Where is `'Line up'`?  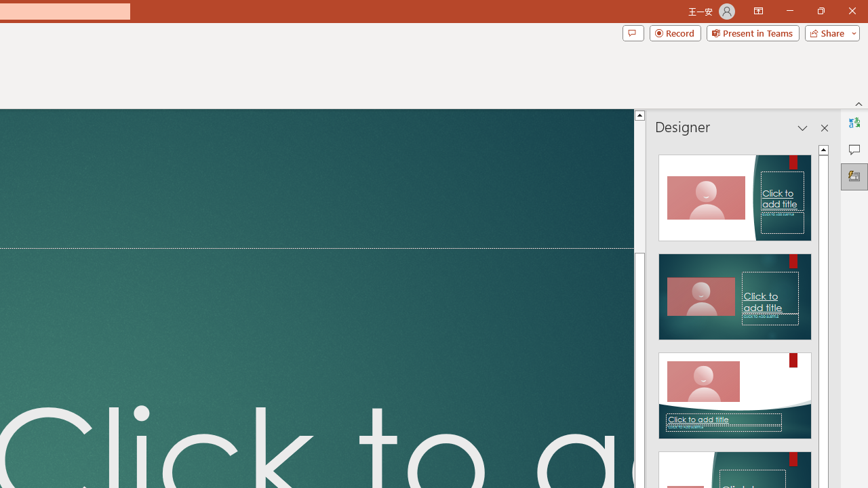
'Line up' is located at coordinates (639, 114).